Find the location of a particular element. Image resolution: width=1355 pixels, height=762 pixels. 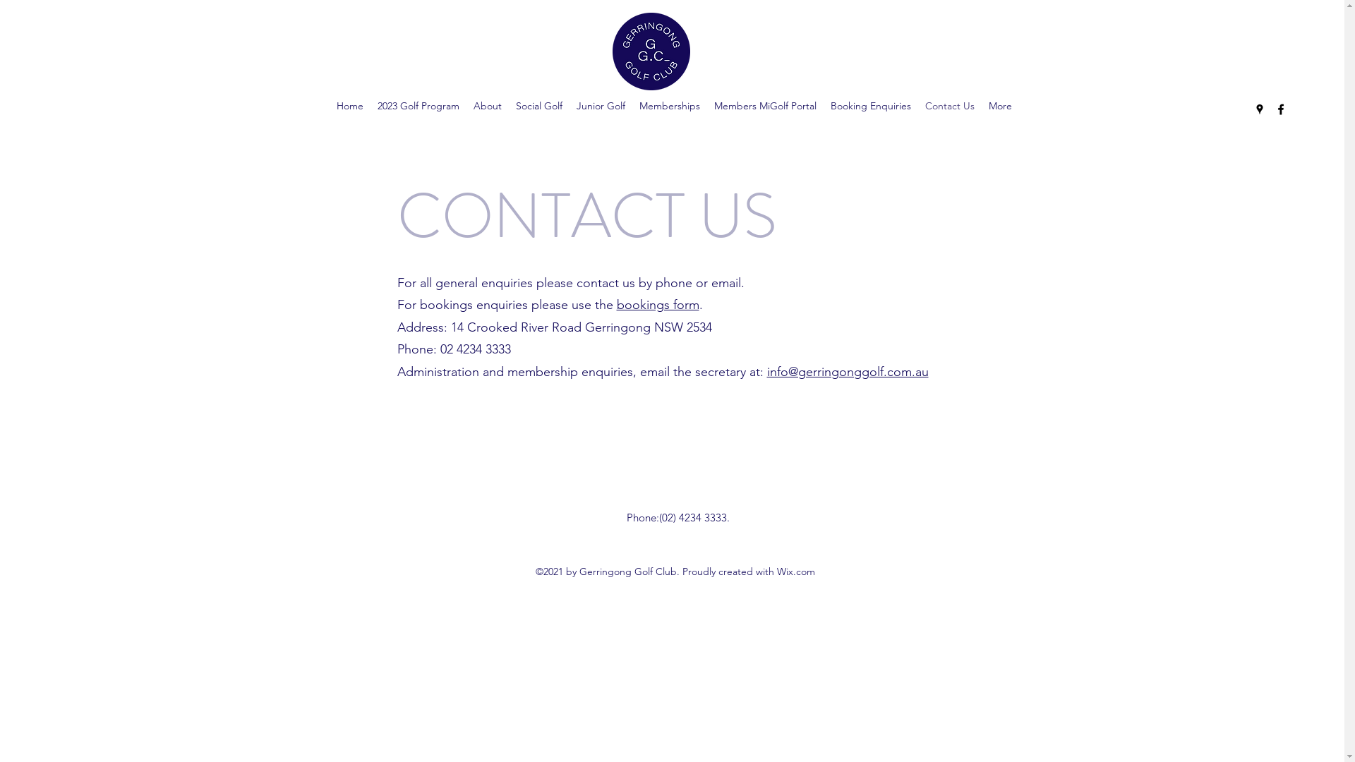

'Home' is located at coordinates (349, 105).